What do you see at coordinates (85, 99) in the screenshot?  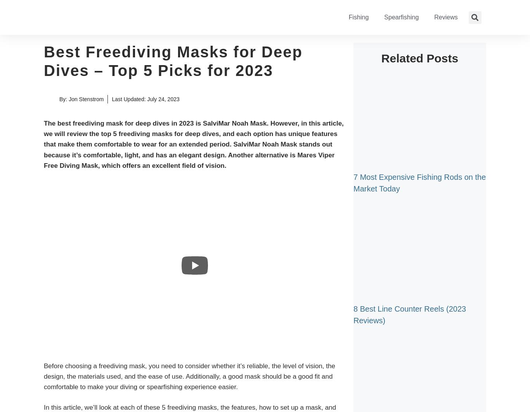 I see `'Jon Stenstrom'` at bounding box center [85, 99].